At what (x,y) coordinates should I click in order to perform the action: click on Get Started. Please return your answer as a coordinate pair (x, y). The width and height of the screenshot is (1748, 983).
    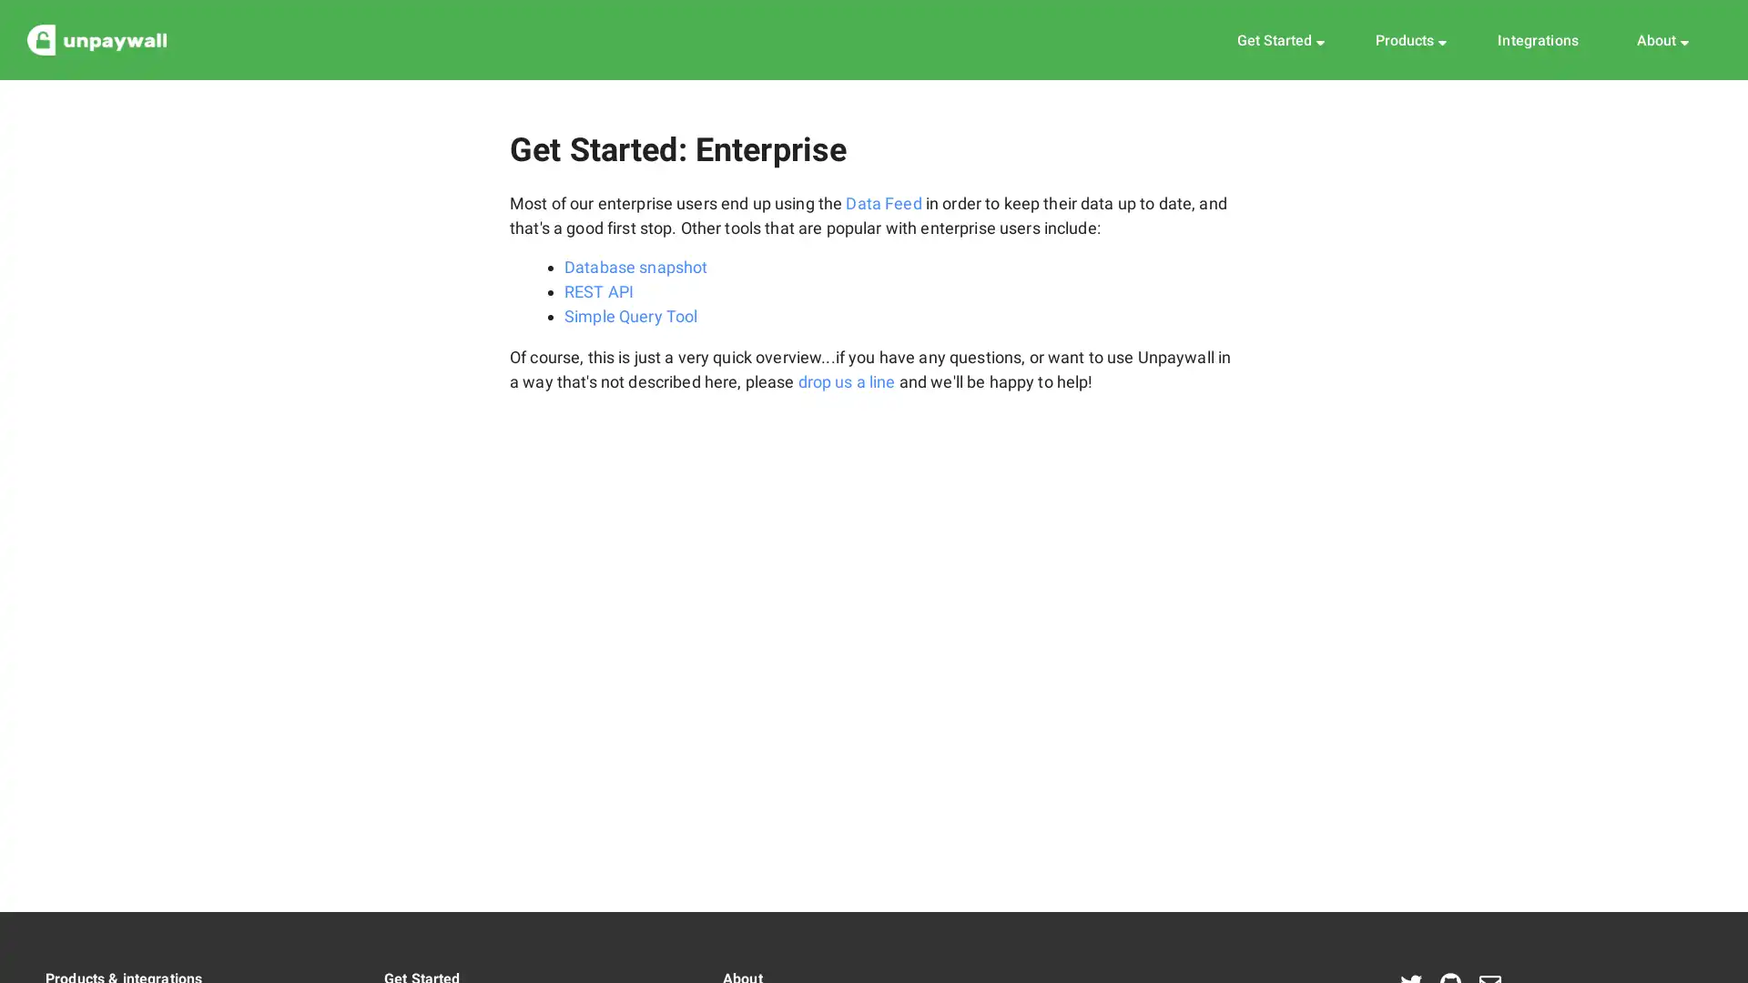
    Looking at the image, I should click on (1279, 39).